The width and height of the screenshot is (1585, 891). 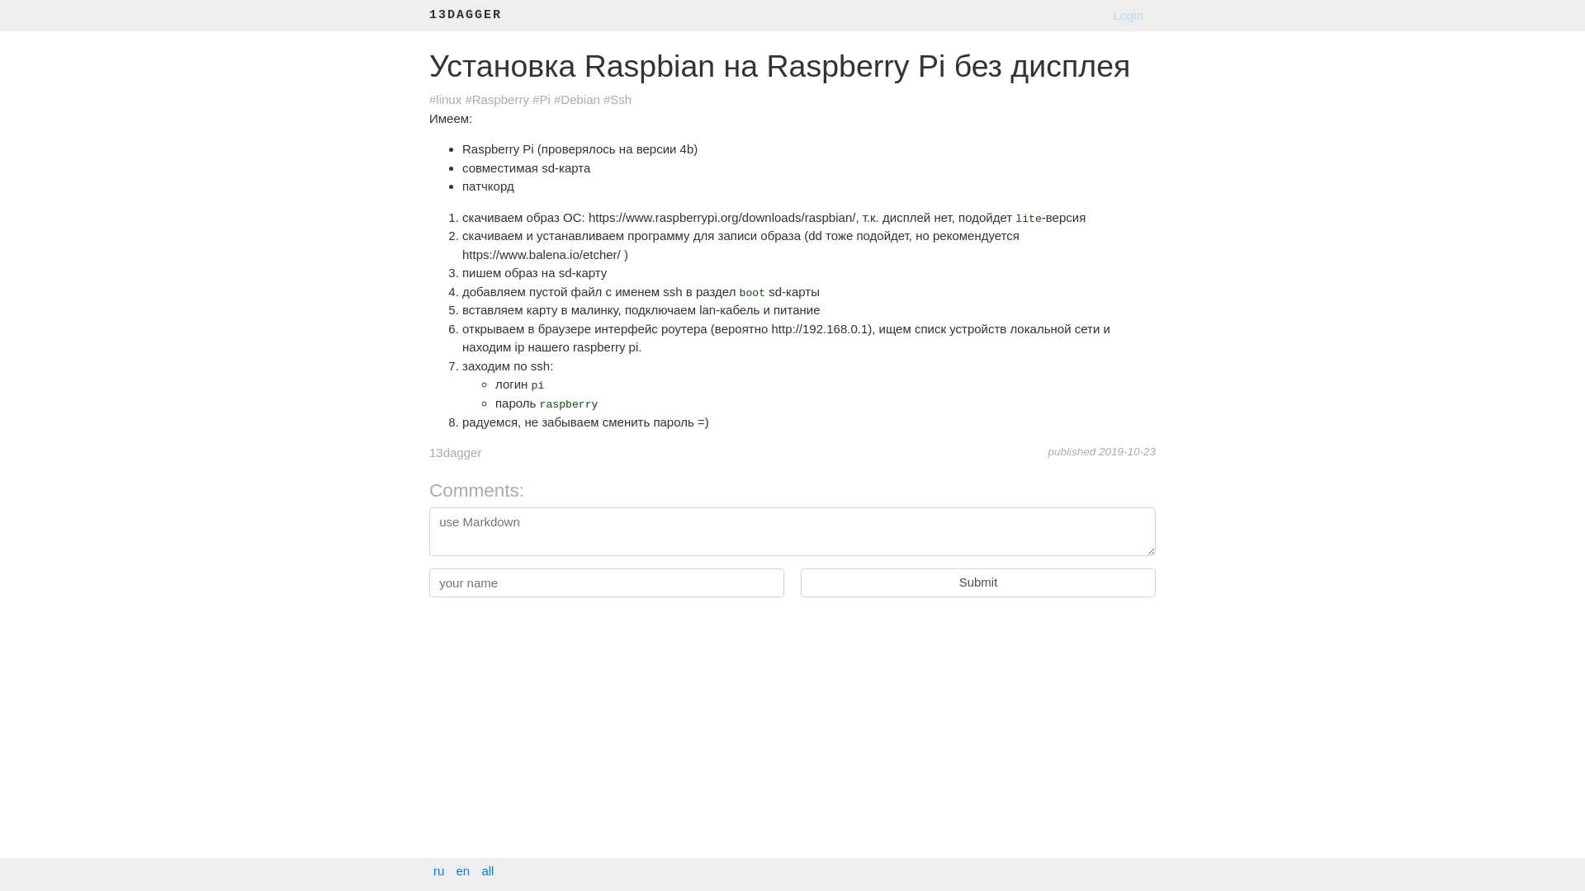 What do you see at coordinates (532, 99) in the screenshot?
I see `'#Pi'` at bounding box center [532, 99].